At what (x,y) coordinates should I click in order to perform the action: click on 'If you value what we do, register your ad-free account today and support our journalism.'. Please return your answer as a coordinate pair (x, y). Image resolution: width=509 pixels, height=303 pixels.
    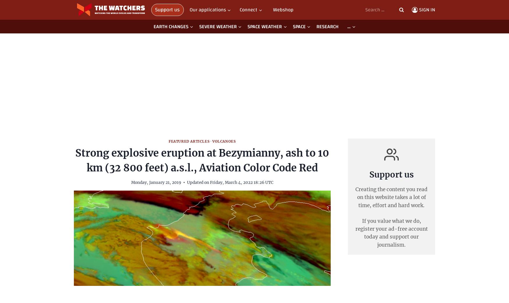
    Looking at the image, I should click on (391, 232).